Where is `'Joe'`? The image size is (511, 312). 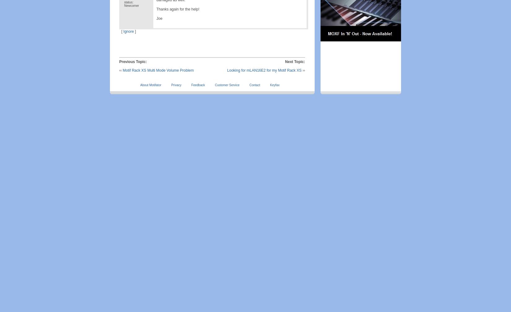
'Joe' is located at coordinates (159, 18).